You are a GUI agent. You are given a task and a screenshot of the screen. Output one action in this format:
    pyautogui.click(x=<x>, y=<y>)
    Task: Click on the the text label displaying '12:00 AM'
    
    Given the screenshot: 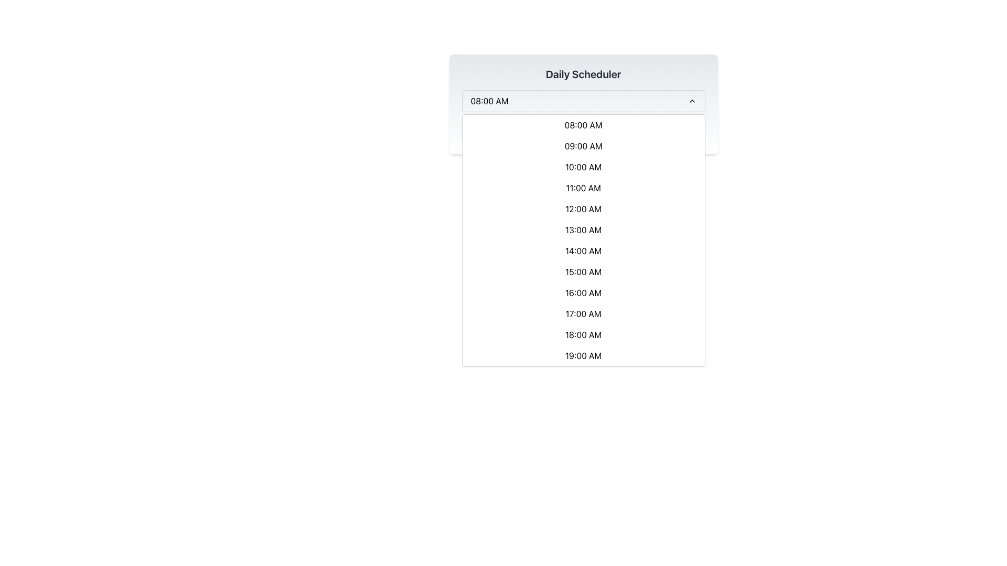 What is the action you would take?
    pyautogui.click(x=583, y=209)
    